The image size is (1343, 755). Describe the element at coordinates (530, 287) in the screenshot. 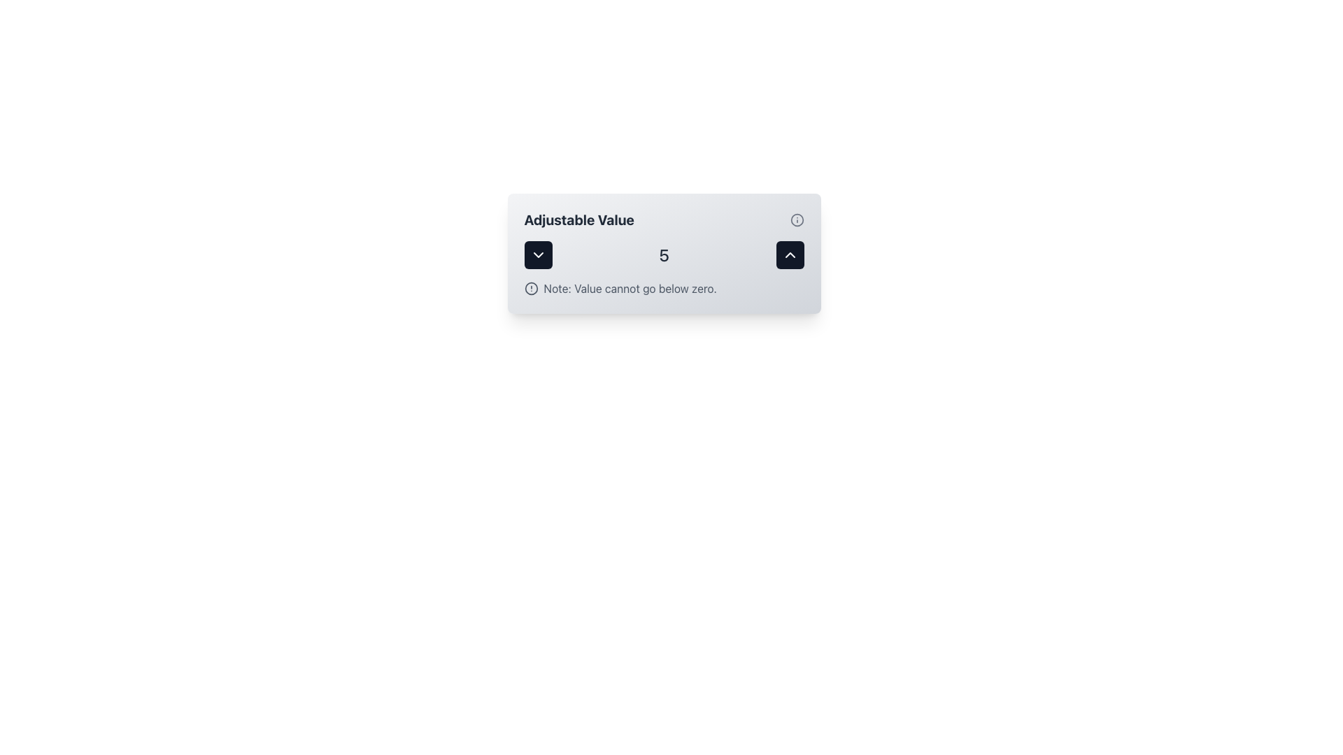

I see `the circular graphical icon component located to the left of the text 'Note: Value cannot go below zero.'` at that location.